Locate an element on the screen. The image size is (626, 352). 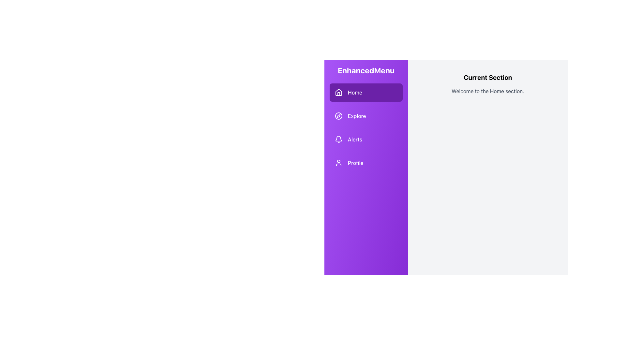
the 'Home' navigation icon located in the sidebar at the topmost option is located at coordinates (338, 93).